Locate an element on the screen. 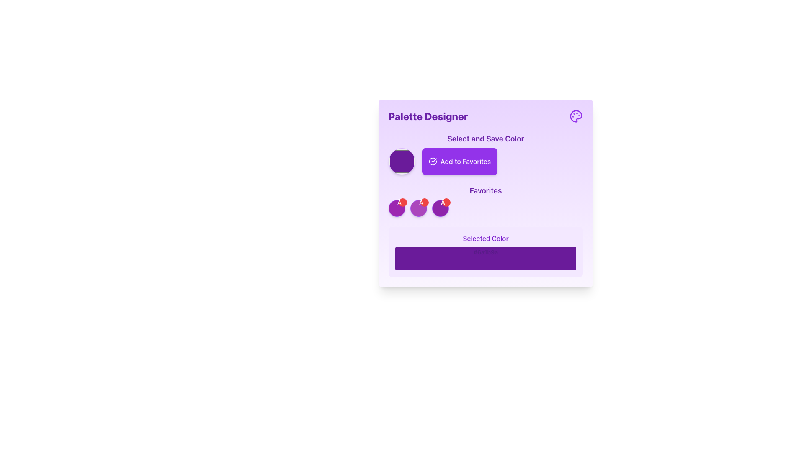 The height and width of the screenshot is (452, 804). the circular icon with a checkmark located to the left of the 'Add to Favorites' text, part of the button group in the 'Palette Designer' section is located at coordinates (433, 161).